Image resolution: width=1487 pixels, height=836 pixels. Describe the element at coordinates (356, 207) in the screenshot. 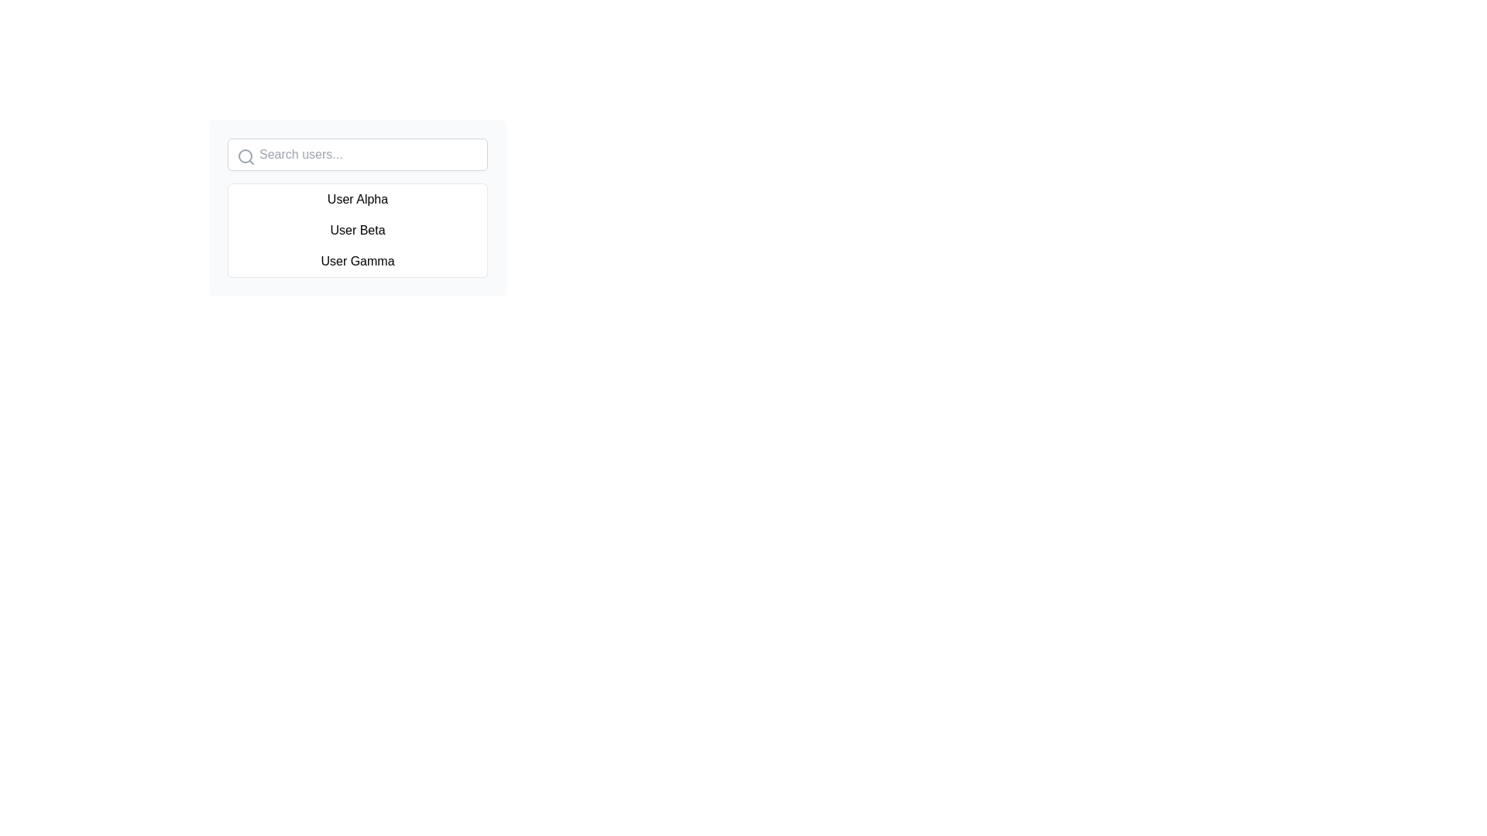

I see `to select the list item labeled 'User Alpha', which is the first item in a vertically aligned list located below the 'Search users...' input field` at that location.